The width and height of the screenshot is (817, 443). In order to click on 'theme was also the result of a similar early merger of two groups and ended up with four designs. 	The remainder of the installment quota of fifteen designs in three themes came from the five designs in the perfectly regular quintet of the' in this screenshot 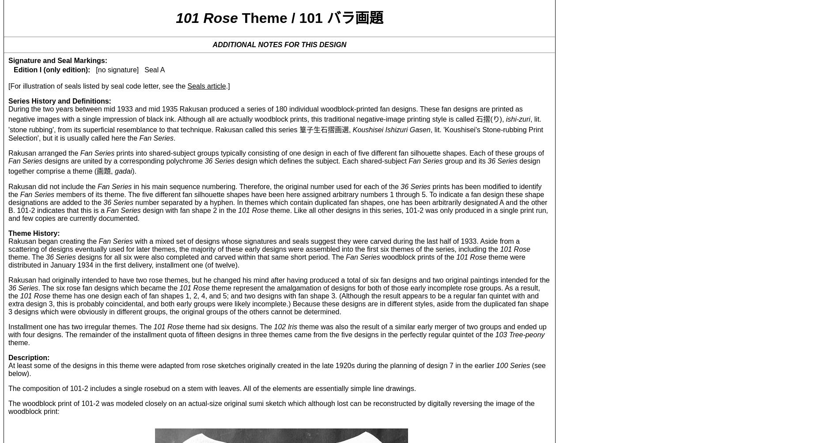, I will do `click(277, 330)`.